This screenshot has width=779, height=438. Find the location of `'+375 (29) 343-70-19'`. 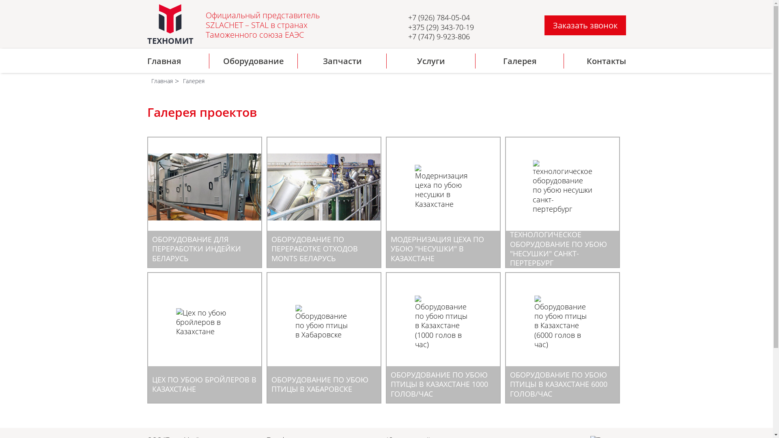

'+375 (29) 343-70-19' is located at coordinates (408, 26).